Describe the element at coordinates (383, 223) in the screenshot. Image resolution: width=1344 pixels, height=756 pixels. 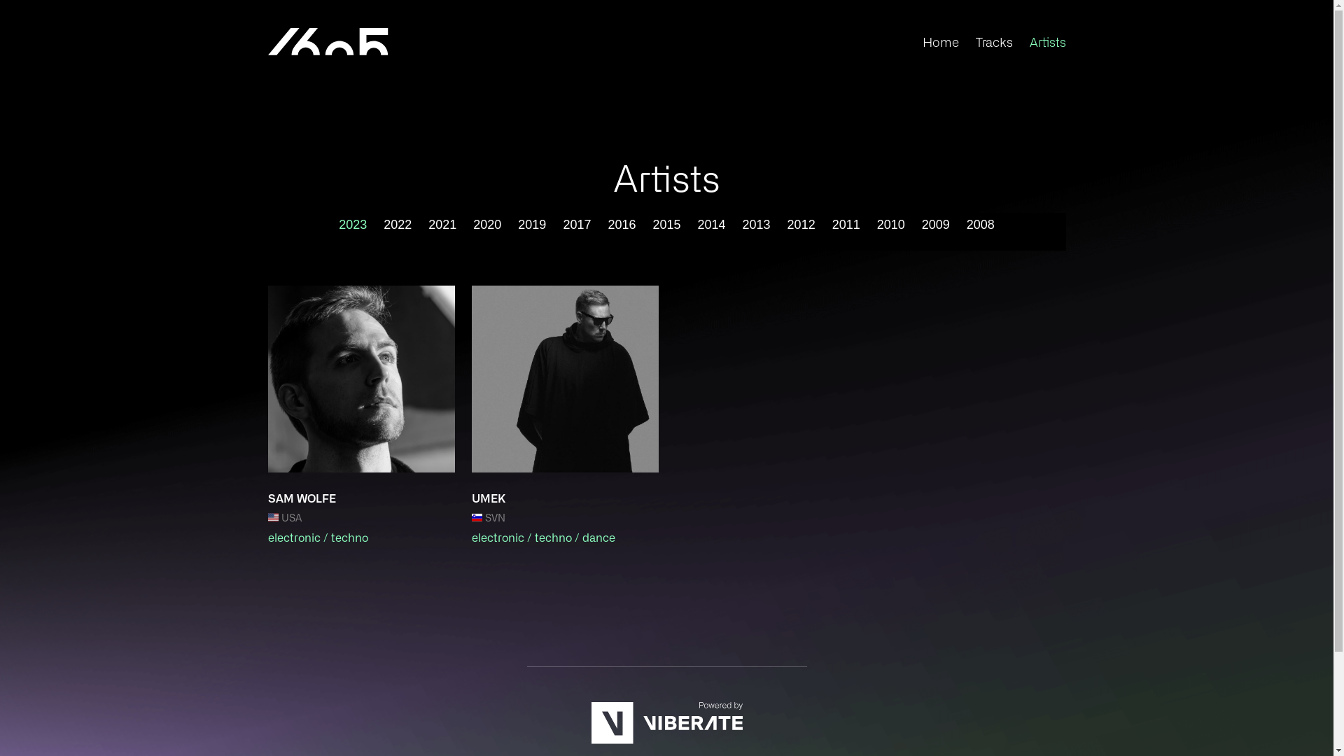
I see `'2022'` at that location.